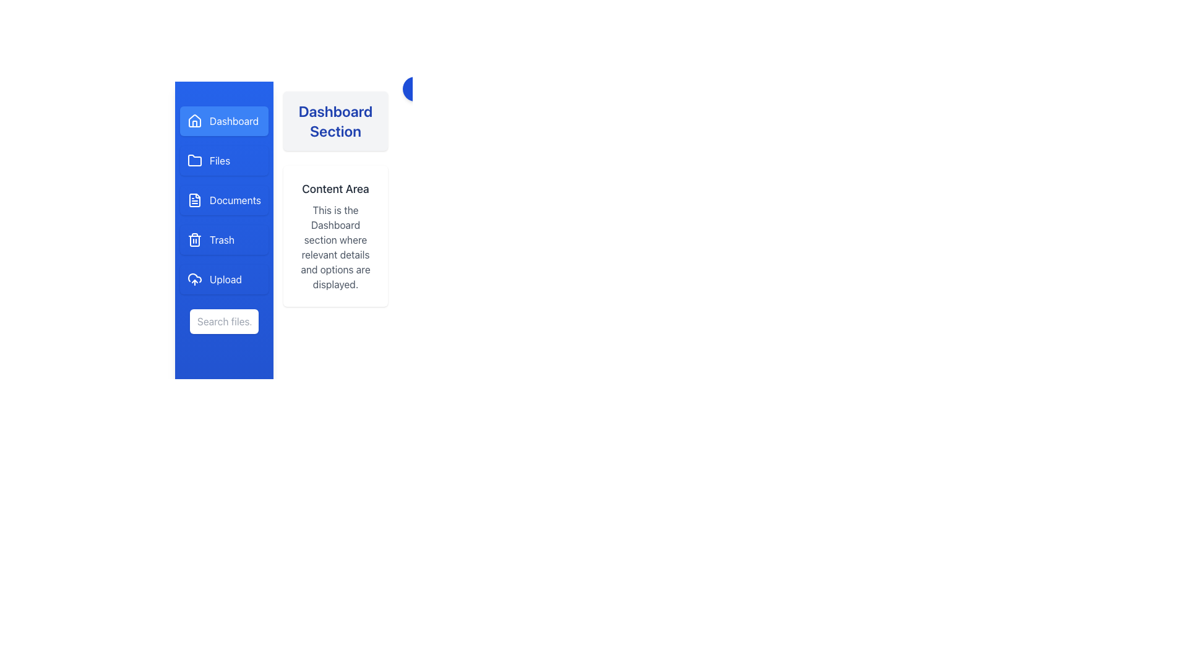 Image resolution: width=1188 pixels, height=668 pixels. Describe the element at coordinates (194, 159) in the screenshot. I see `the folder icon located in the navigation sidebar next to the 'Files' menu option` at that location.